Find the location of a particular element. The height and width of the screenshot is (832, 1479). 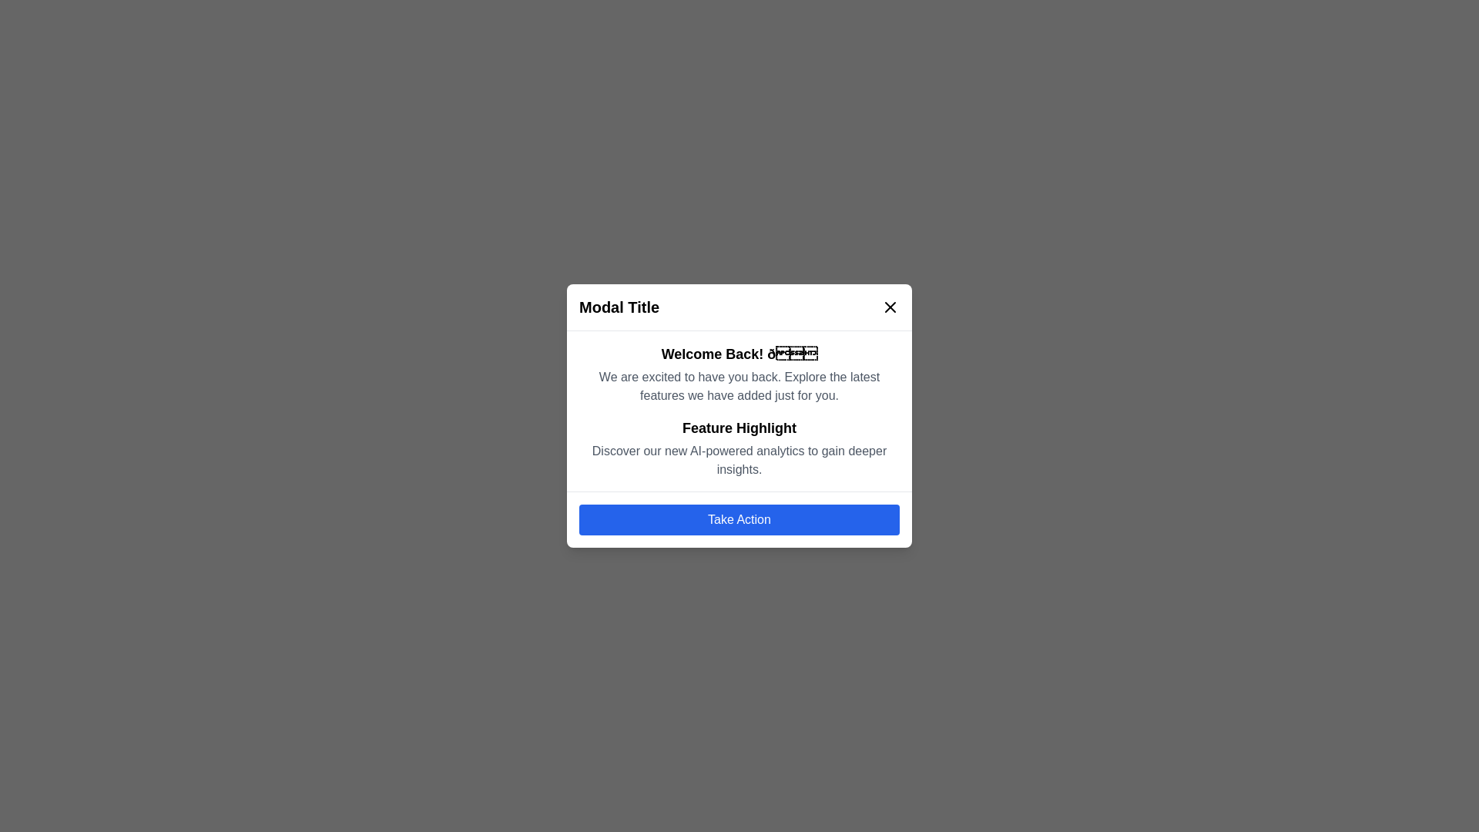

welcoming message text located near the top of the modal dialog box, directly beneath the modal's title is located at coordinates (739, 354).